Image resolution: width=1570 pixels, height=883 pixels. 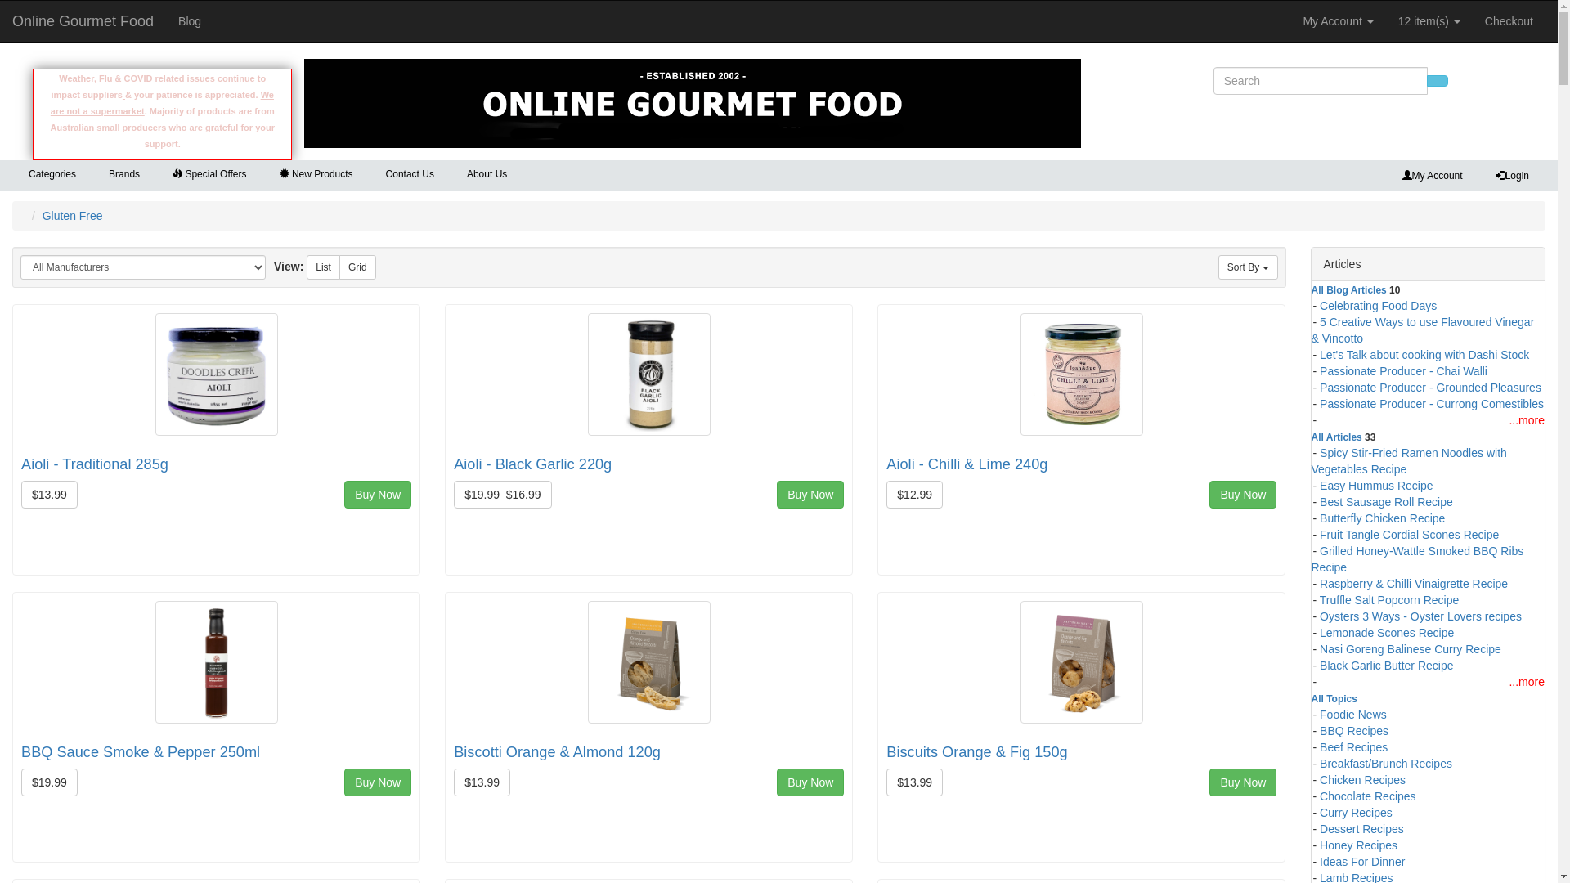 What do you see at coordinates (1424, 352) in the screenshot?
I see `'Let's Talk about cooking with Dashi Stock'` at bounding box center [1424, 352].